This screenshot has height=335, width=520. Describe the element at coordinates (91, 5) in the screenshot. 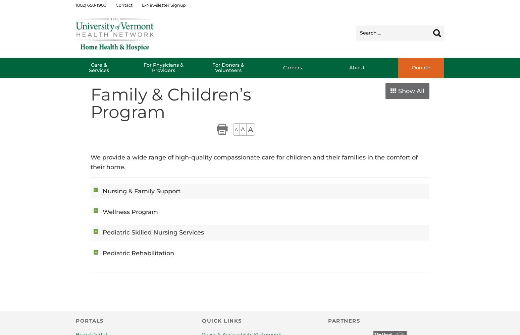

I see `'(802) 658-1900'` at that location.